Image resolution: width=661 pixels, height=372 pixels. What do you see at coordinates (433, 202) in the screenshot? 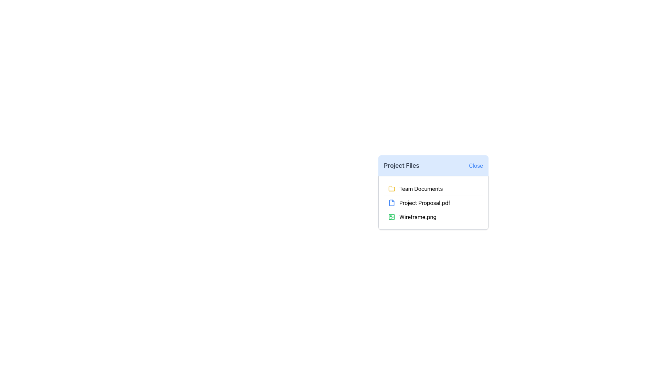
I see `the document labeled 'Project Proposal.pdf' in the 'Project Files' list` at bounding box center [433, 202].